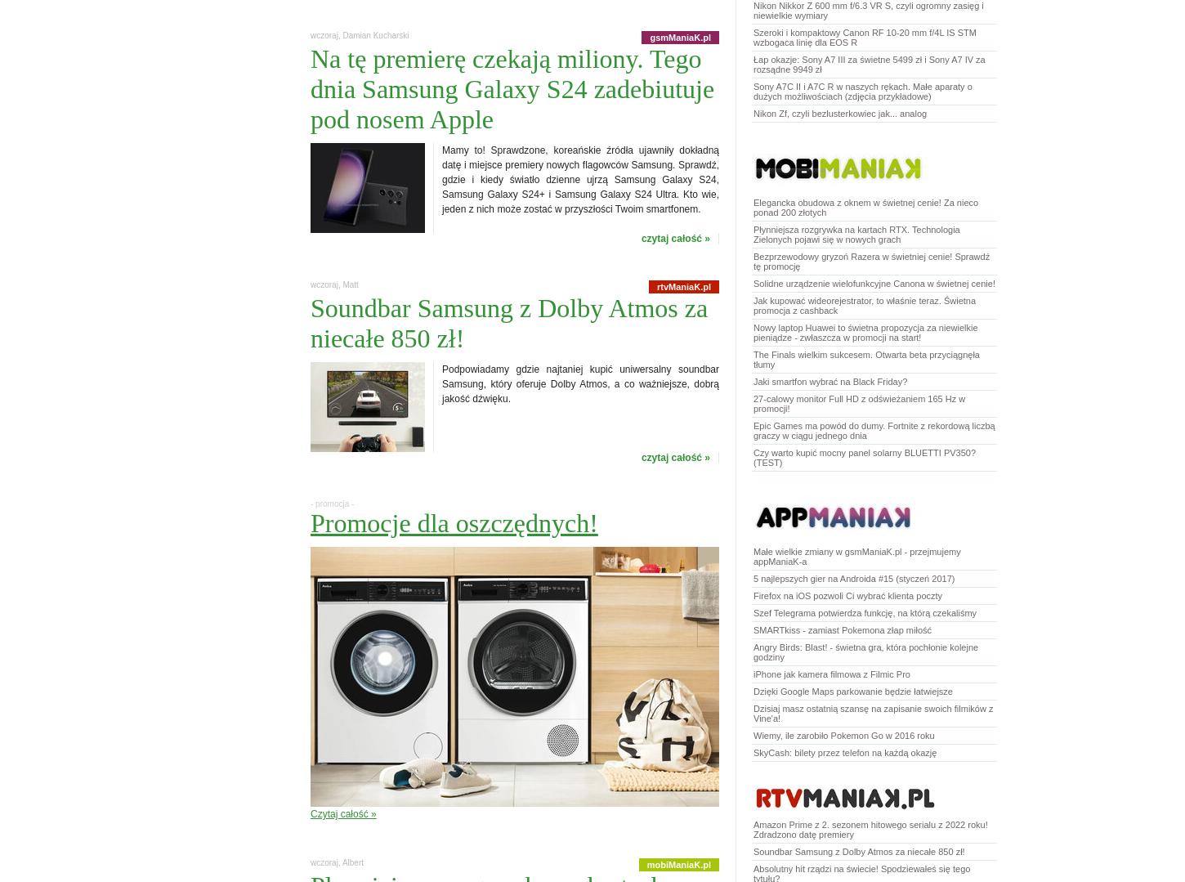 Image resolution: width=1185 pixels, height=882 pixels. I want to click on 'Jaki smartfon wybrać na Black Friday?', so click(830, 380).